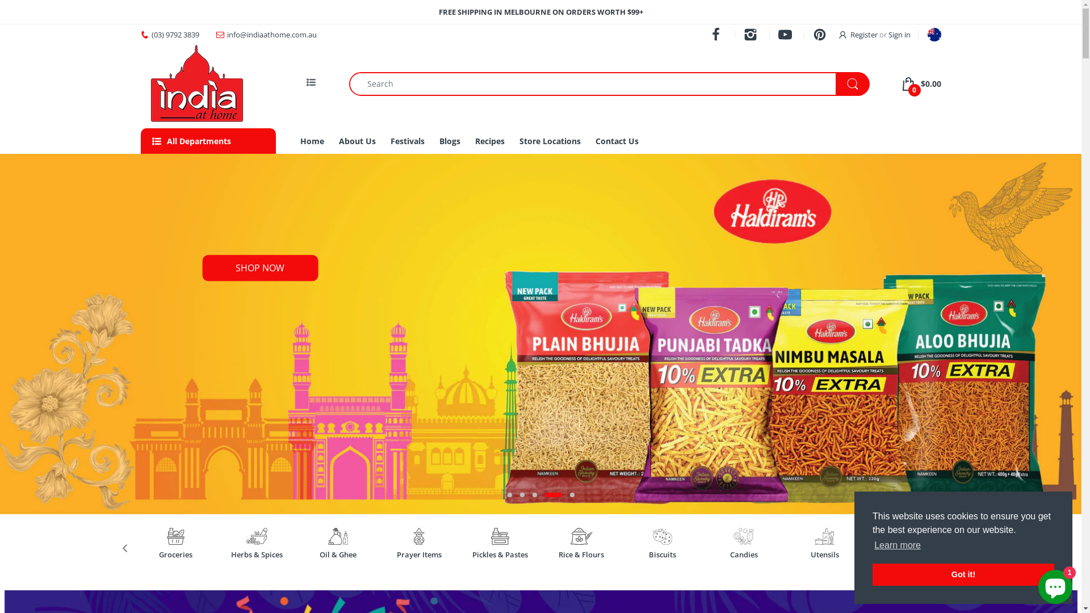 The image size is (1090, 613). What do you see at coordinates (174, 554) in the screenshot?
I see `'Groceries'` at bounding box center [174, 554].